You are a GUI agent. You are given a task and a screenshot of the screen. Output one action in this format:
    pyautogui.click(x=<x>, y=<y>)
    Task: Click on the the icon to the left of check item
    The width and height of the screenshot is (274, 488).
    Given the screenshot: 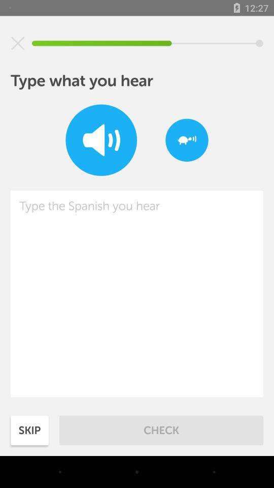 What is the action you would take?
    pyautogui.click(x=29, y=430)
    